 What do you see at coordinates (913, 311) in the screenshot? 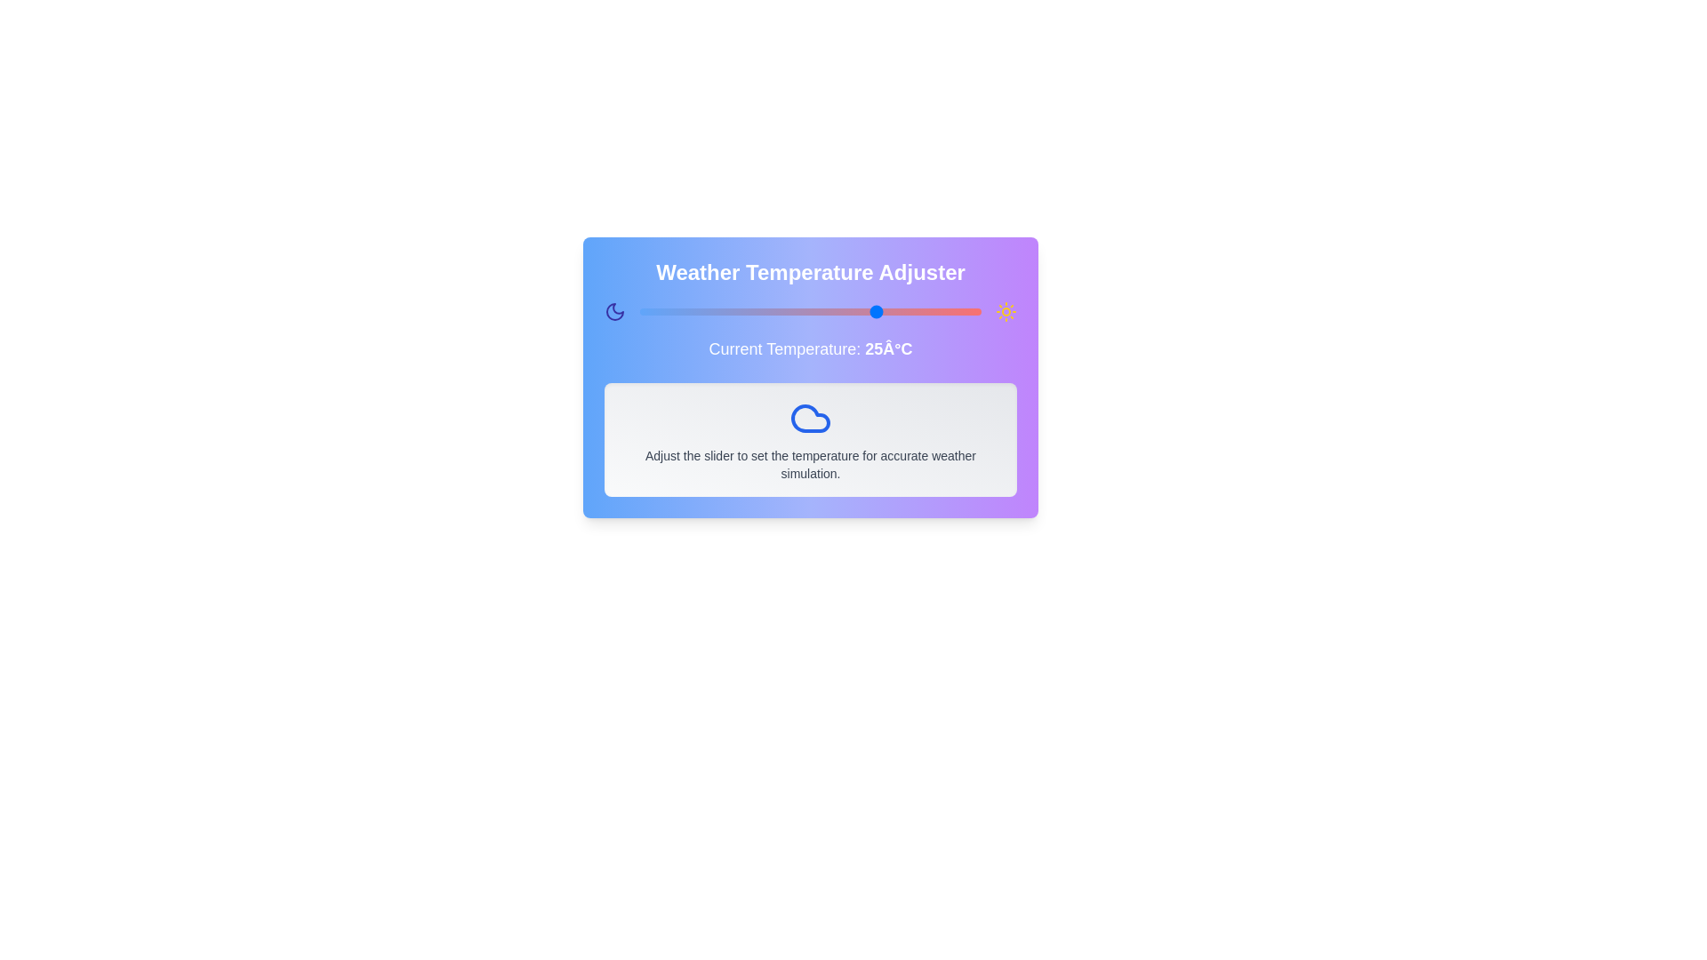
I see `the temperature slider to set the temperature to 30 degrees Celsius` at bounding box center [913, 311].